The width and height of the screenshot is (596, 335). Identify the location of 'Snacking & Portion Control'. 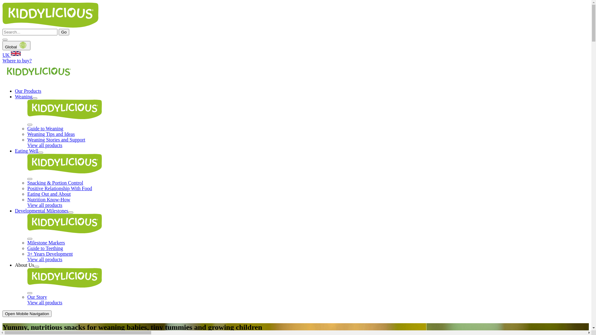
(55, 182).